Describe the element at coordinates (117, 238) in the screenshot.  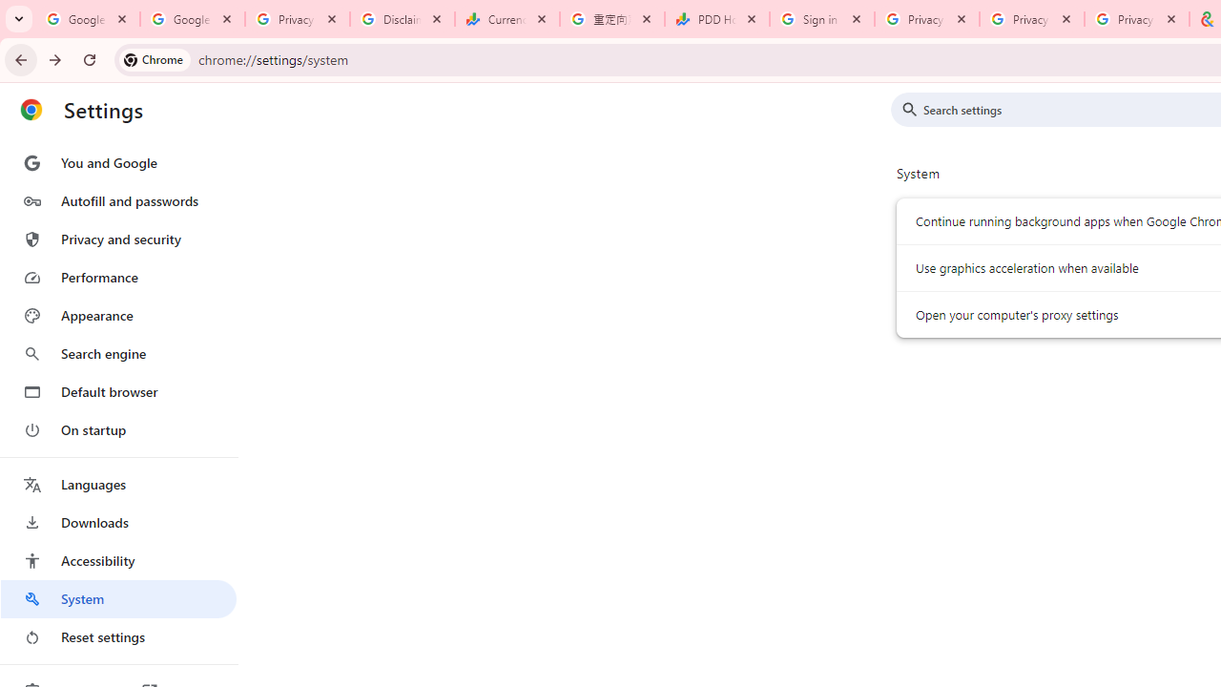
I see `'Privacy and security'` at that location.